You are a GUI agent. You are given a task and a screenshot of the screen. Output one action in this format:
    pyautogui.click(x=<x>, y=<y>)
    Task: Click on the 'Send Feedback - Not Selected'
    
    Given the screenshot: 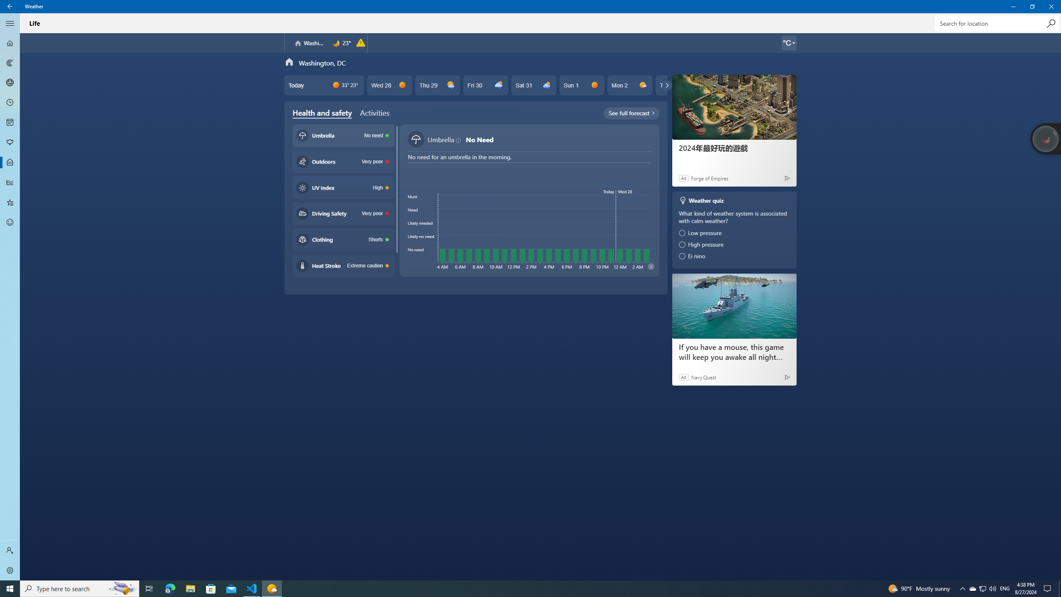 What is the action you would take?
    pyautogui.click(x=10, y=222)
    